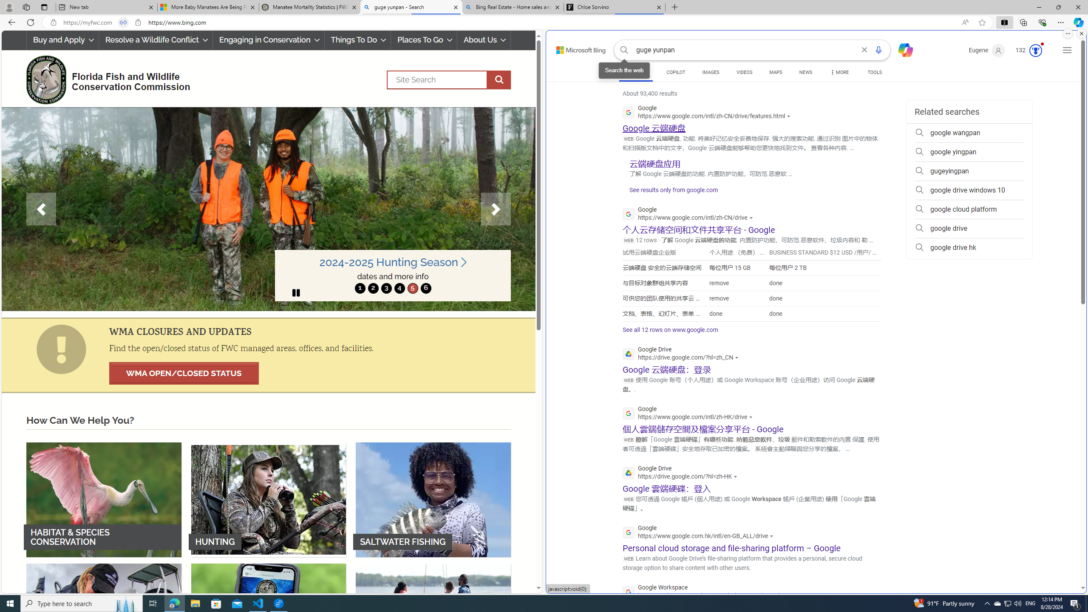 The image size is (1088, 612). I want to click on 'FWC Logo Florida Fish and Wildlife Conservation Commission', so click(104, 78).